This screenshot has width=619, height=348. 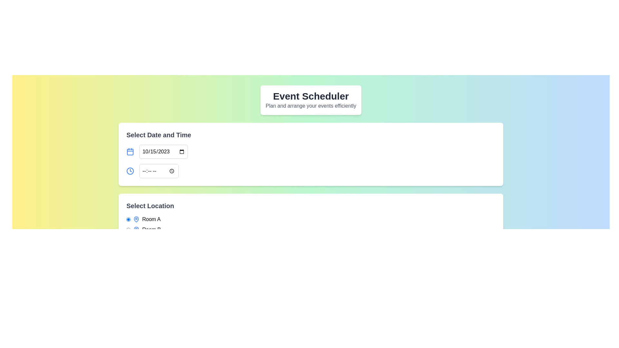 What do you see at coordinates (128, 219) in the screenshot?
I see `the blue circular radio button positioned to the left of the text 'Room A' in the 'Select Location' group` at bounding box center [128, 219].